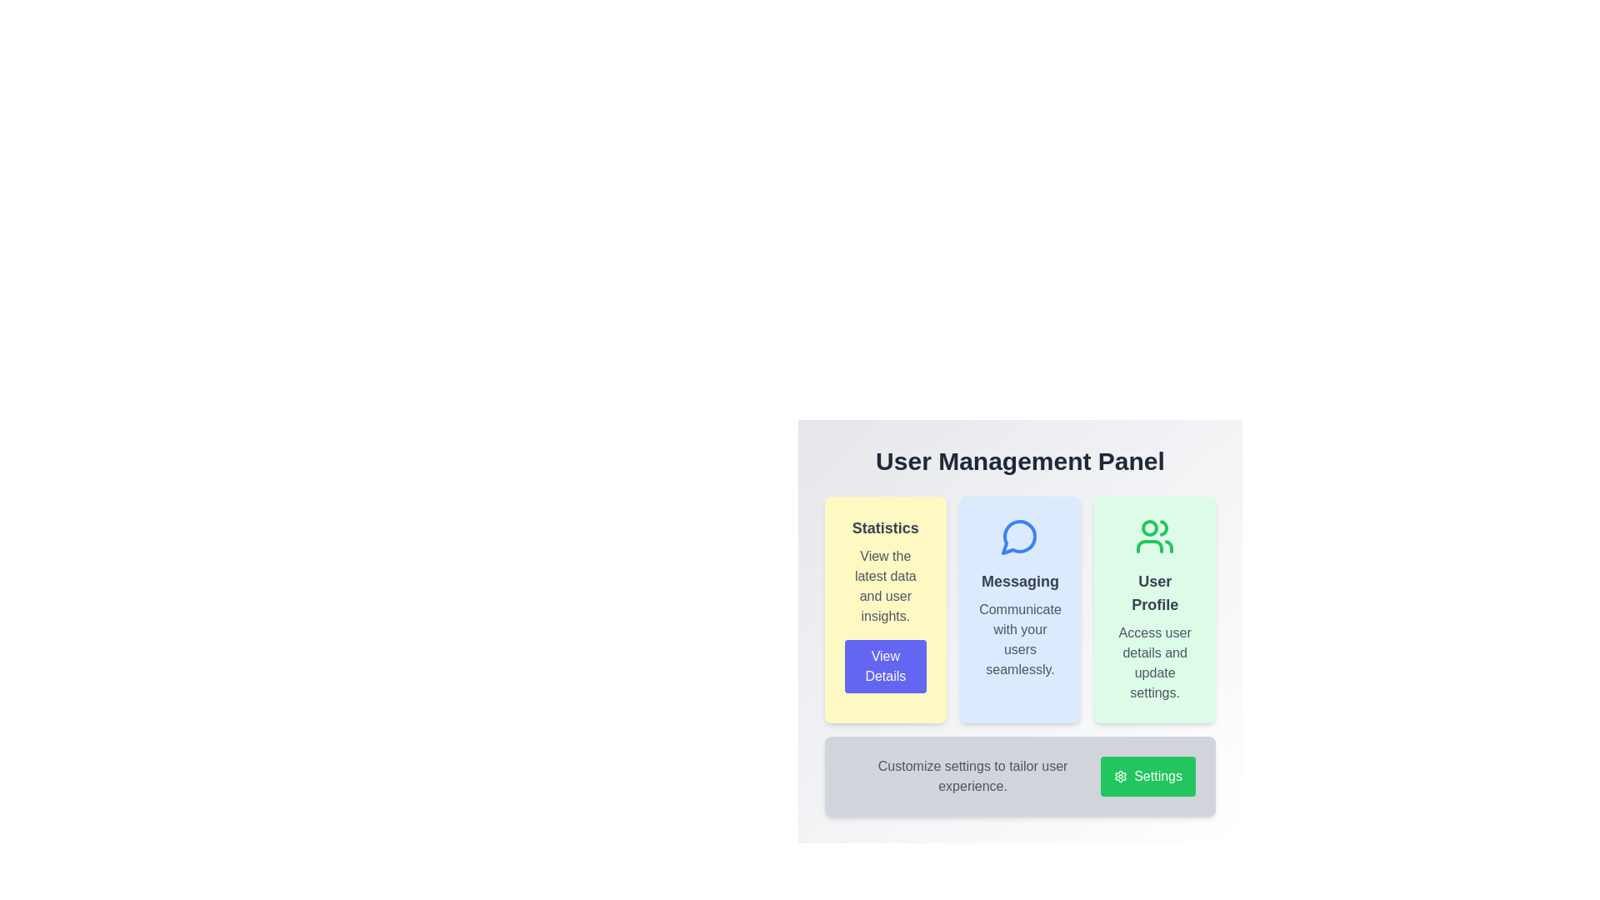 This screenshot has width=1600, height=900. Describe the element at coordinates (1019, 632) in the screenshot. I see `the 'Statistics', 'Messaging', or 'User Profile' subsections of the User Management Panel` at that location.